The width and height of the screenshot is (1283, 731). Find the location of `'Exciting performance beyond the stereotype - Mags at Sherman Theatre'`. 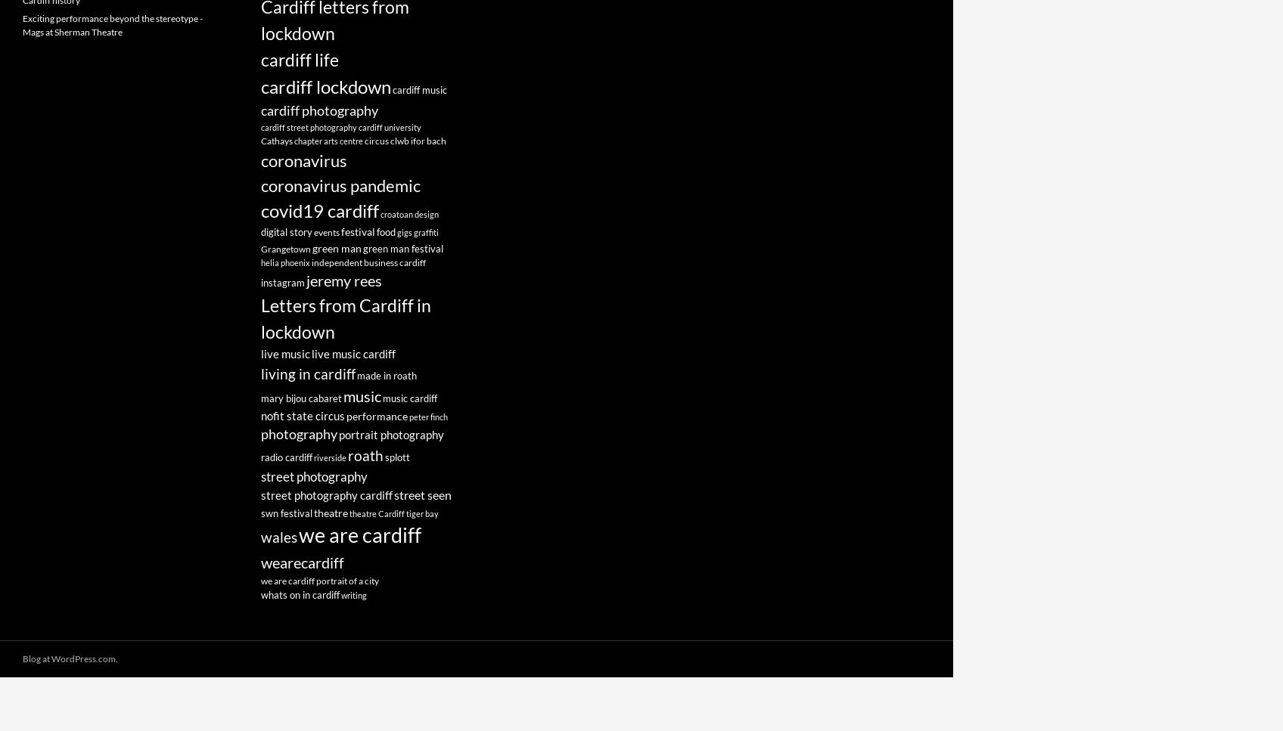

'Exciting performance beyond the stereotype - Mags at Sherman Theatre' is located at coordinates (113, 24).